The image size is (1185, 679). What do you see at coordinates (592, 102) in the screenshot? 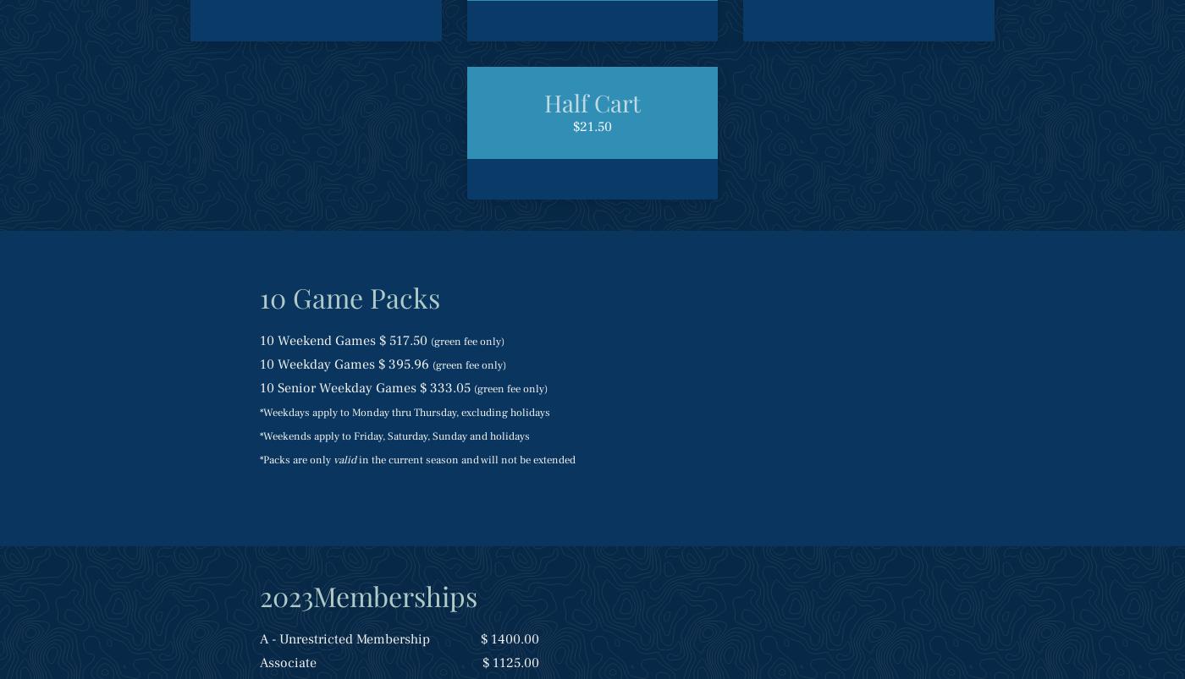
I see `'Half Cart'` at bounding box center [592, 102].